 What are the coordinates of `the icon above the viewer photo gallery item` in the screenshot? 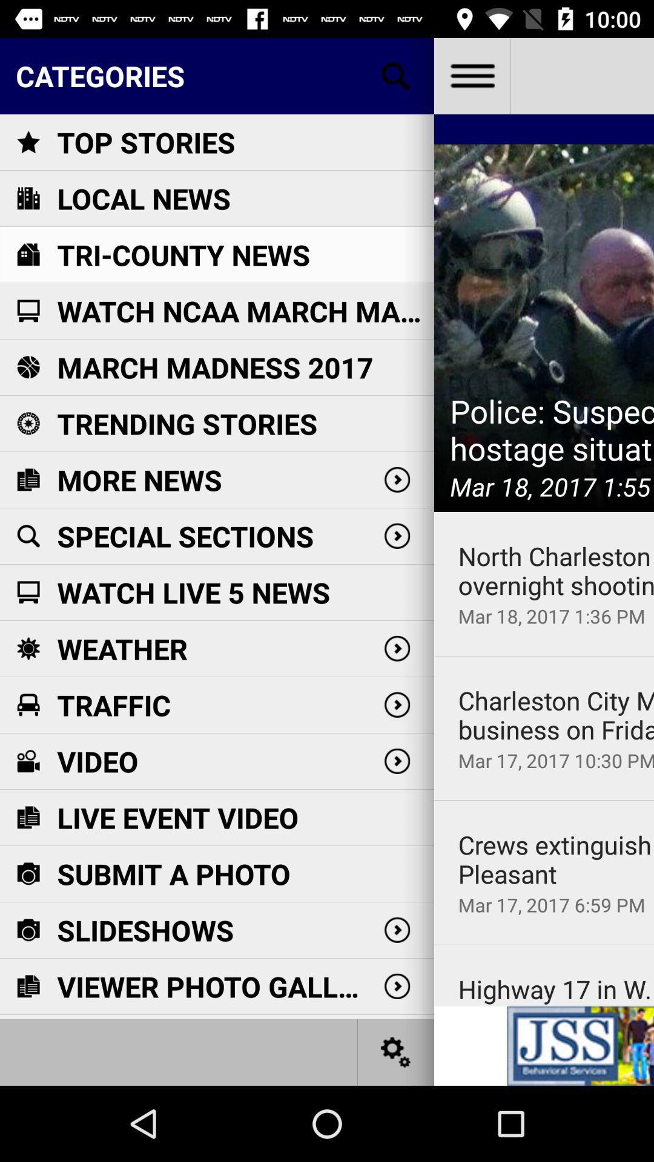 It's located at (145, 930).